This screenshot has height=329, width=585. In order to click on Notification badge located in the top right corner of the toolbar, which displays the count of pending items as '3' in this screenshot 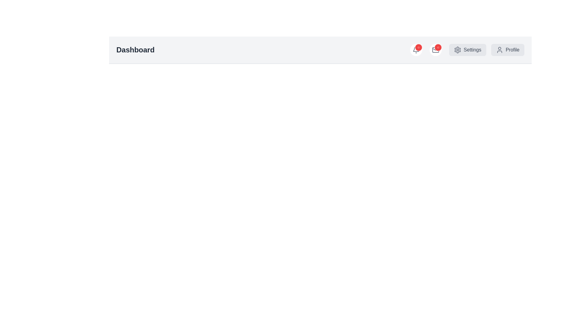, I will do `click(418, 47)`.